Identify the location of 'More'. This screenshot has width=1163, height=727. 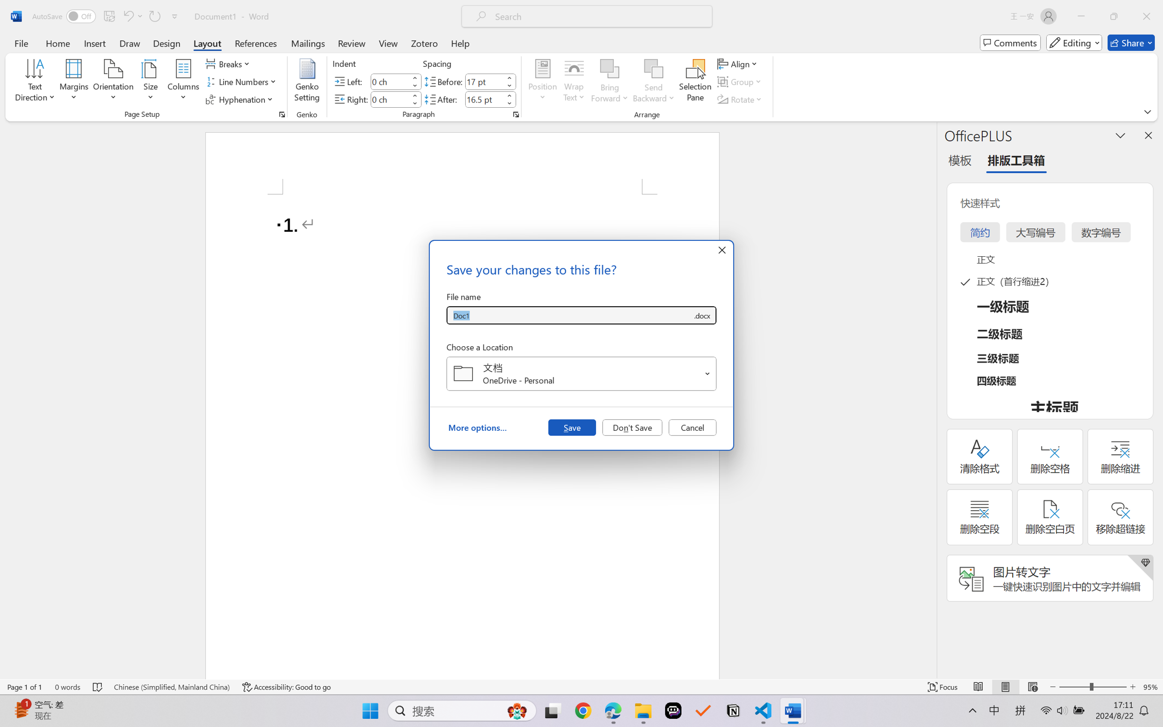
(509, 95).